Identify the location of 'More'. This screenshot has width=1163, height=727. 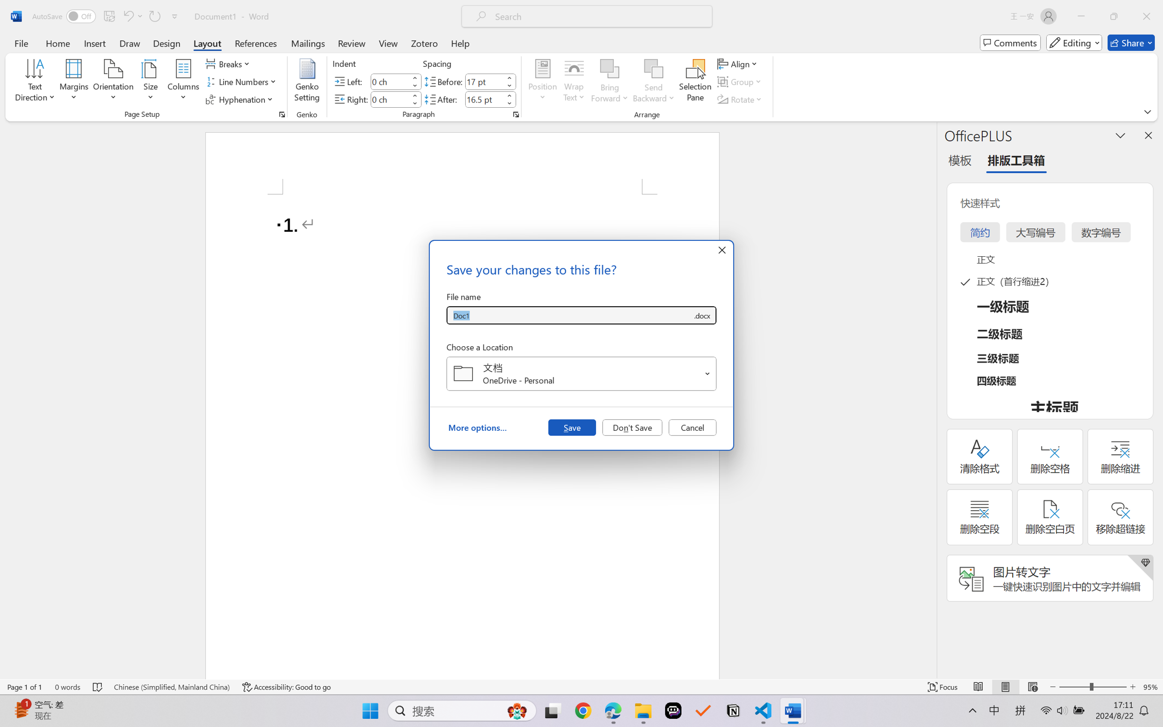
(509, 95).